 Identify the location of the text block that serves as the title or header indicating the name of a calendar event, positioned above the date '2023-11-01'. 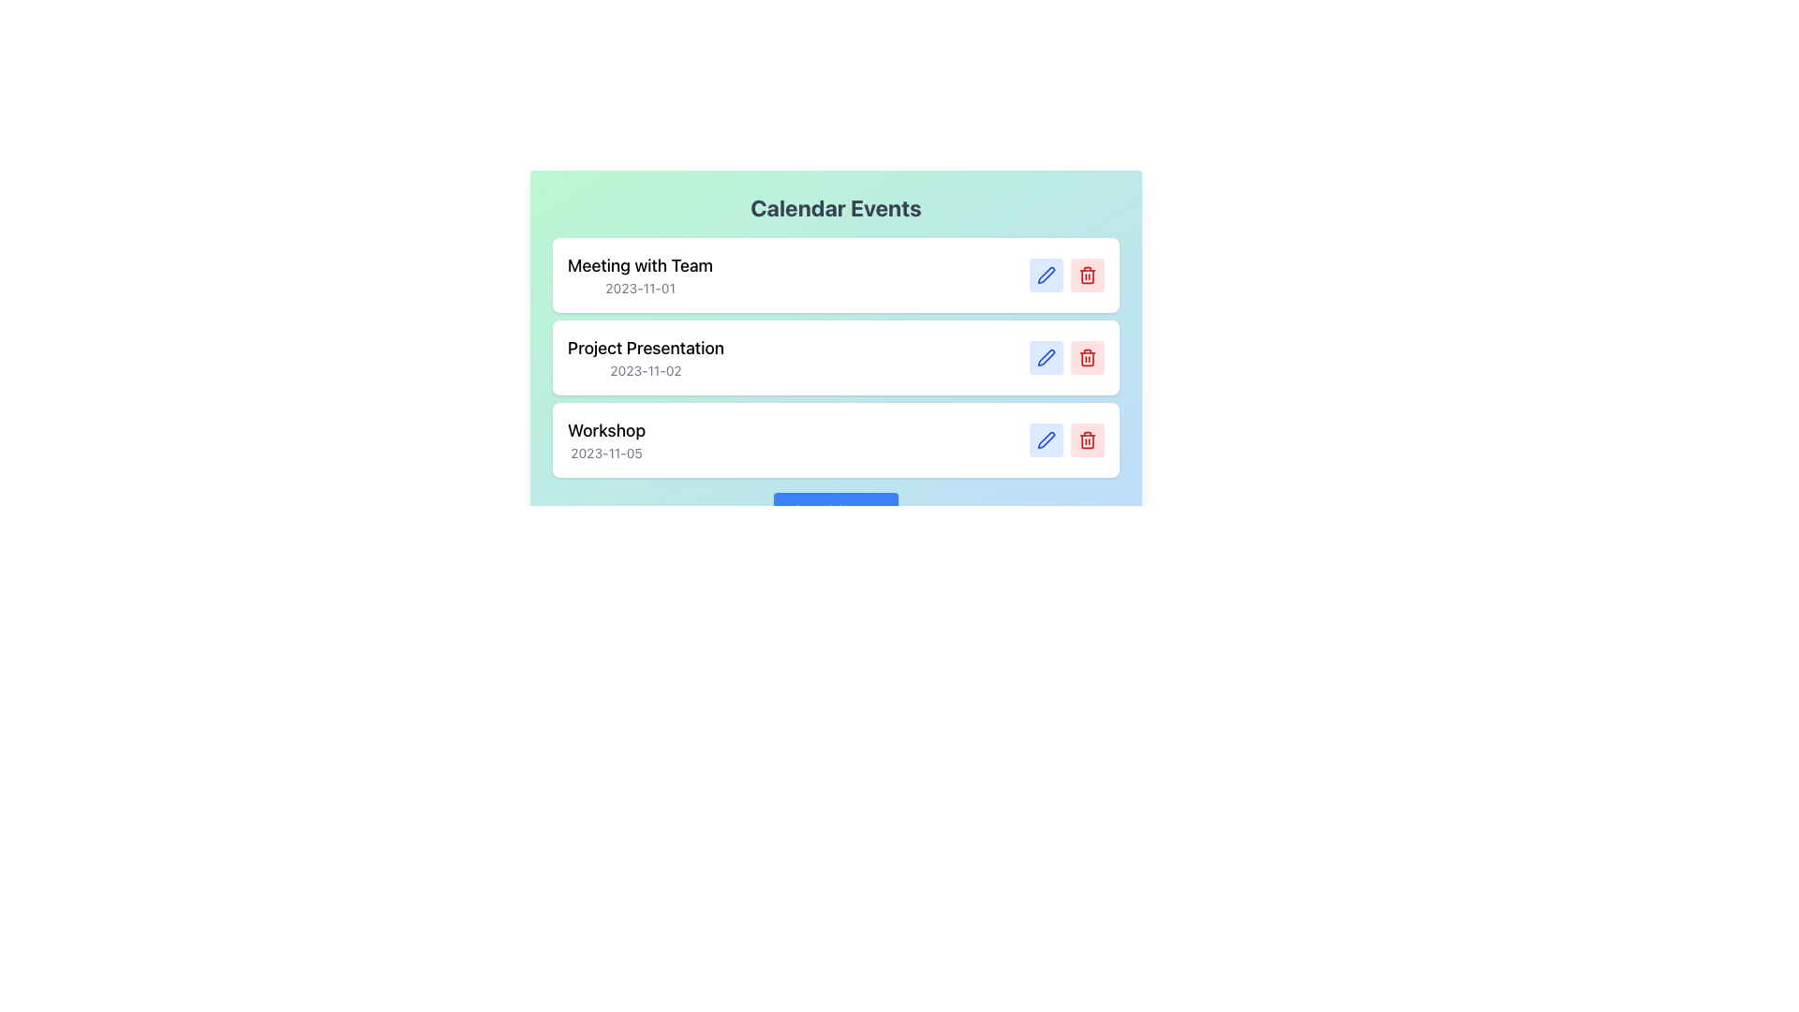
(640, 266).